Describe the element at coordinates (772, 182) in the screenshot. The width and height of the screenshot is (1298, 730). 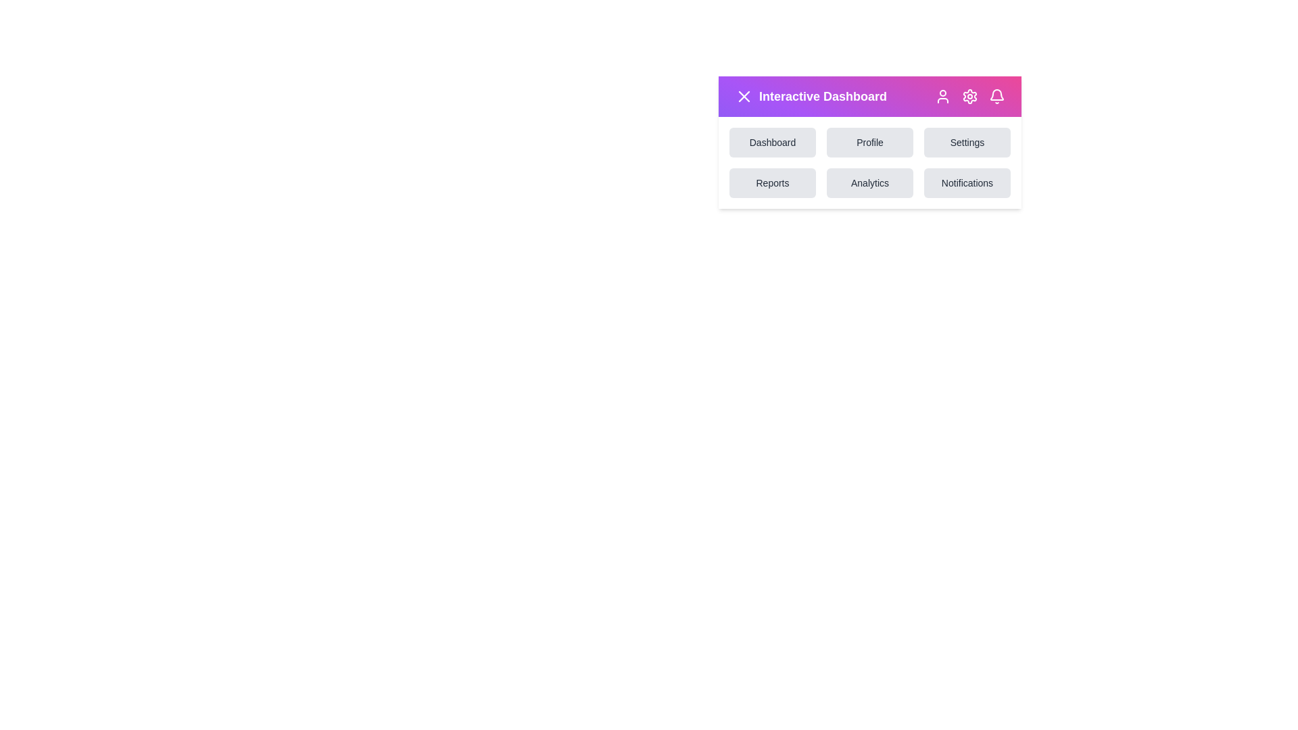
I see `the option Reports from the menu grid` at that location.